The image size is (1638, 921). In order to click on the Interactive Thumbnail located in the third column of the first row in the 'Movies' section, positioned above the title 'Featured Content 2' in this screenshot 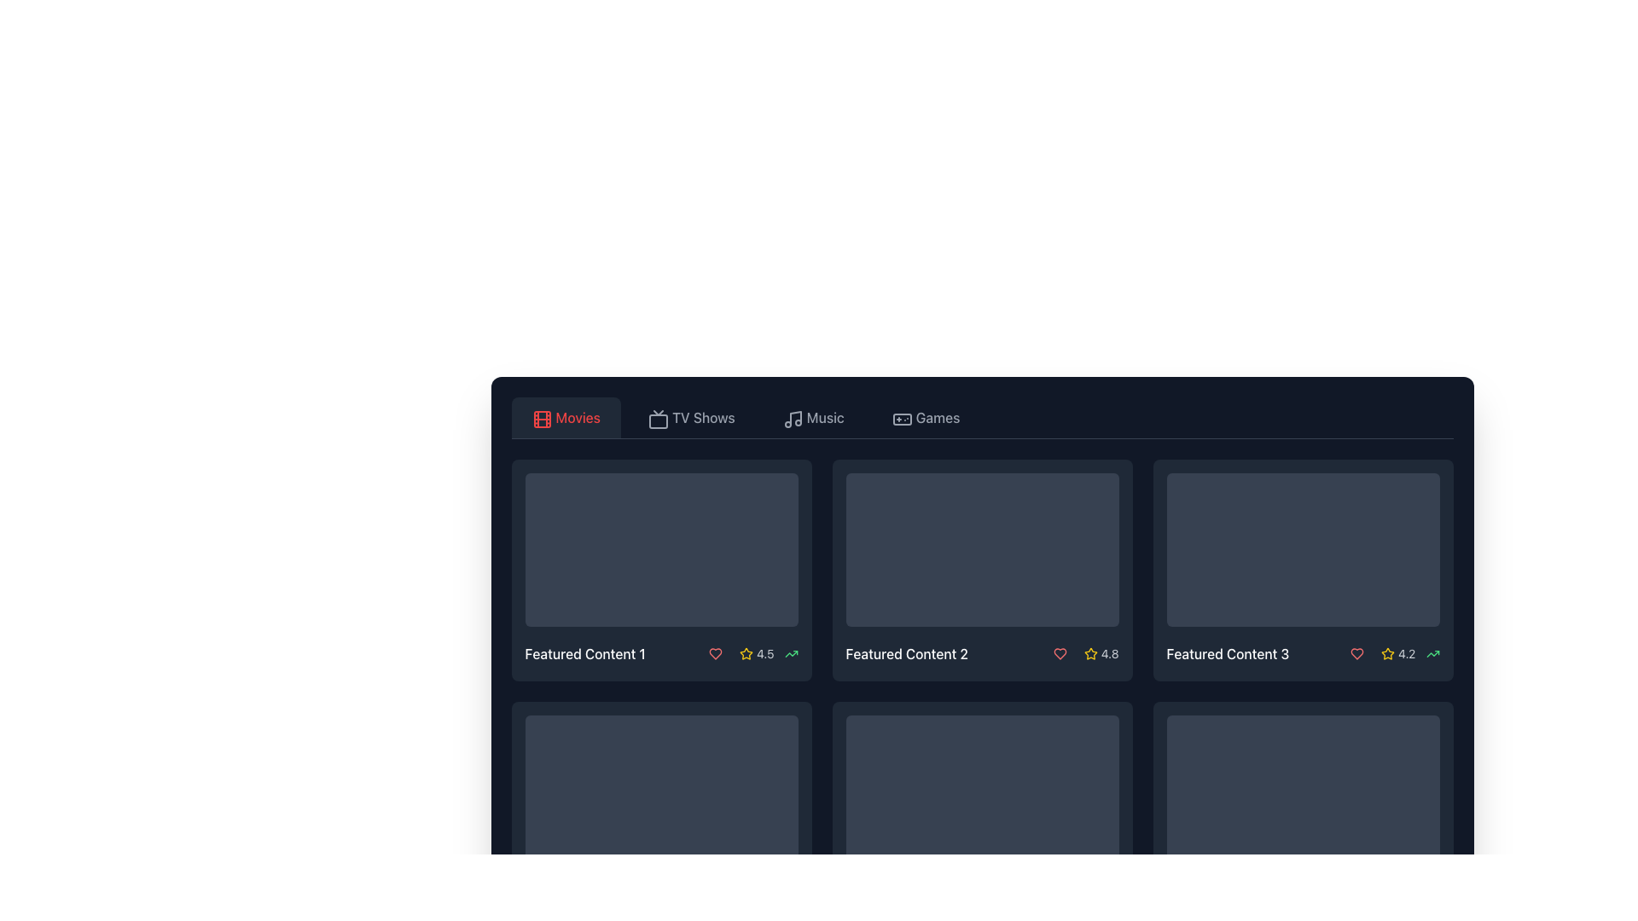, I will do `click(982, 549)`.